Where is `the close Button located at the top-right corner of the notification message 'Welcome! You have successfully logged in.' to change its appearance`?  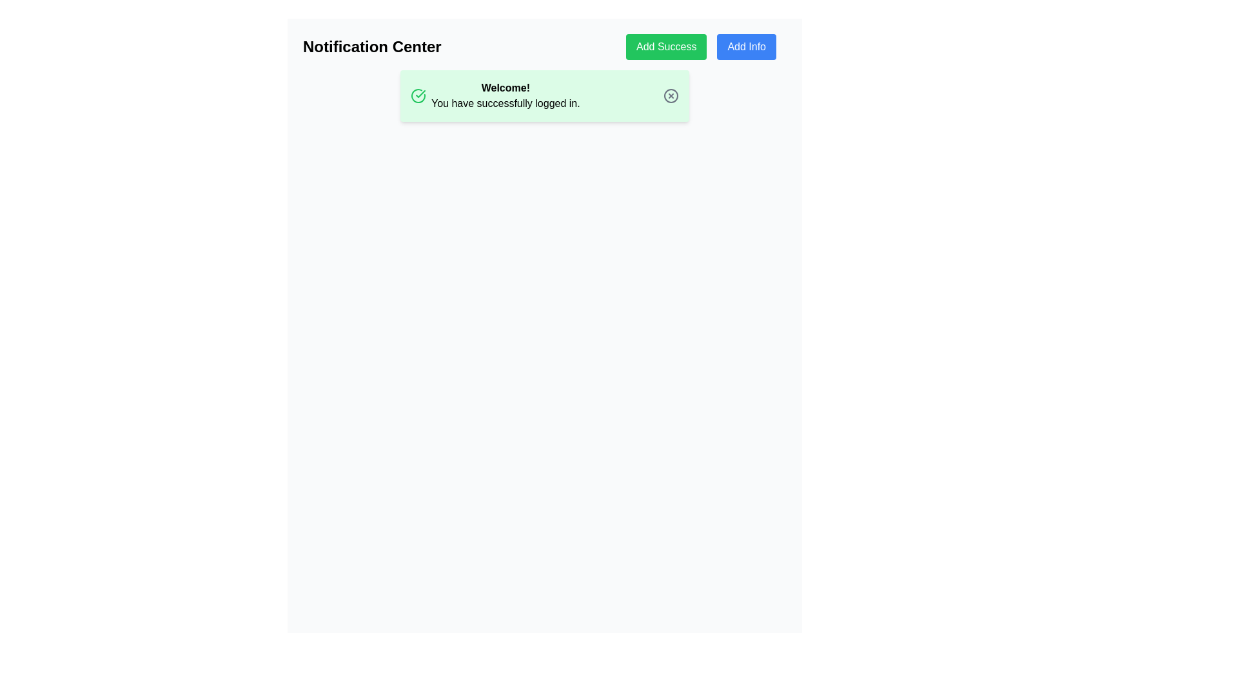 the close Button located at the top-right corner of the notification message 'Welcome! You have successfully logged in.' to change its appearance is located at coordinates (671, 95).